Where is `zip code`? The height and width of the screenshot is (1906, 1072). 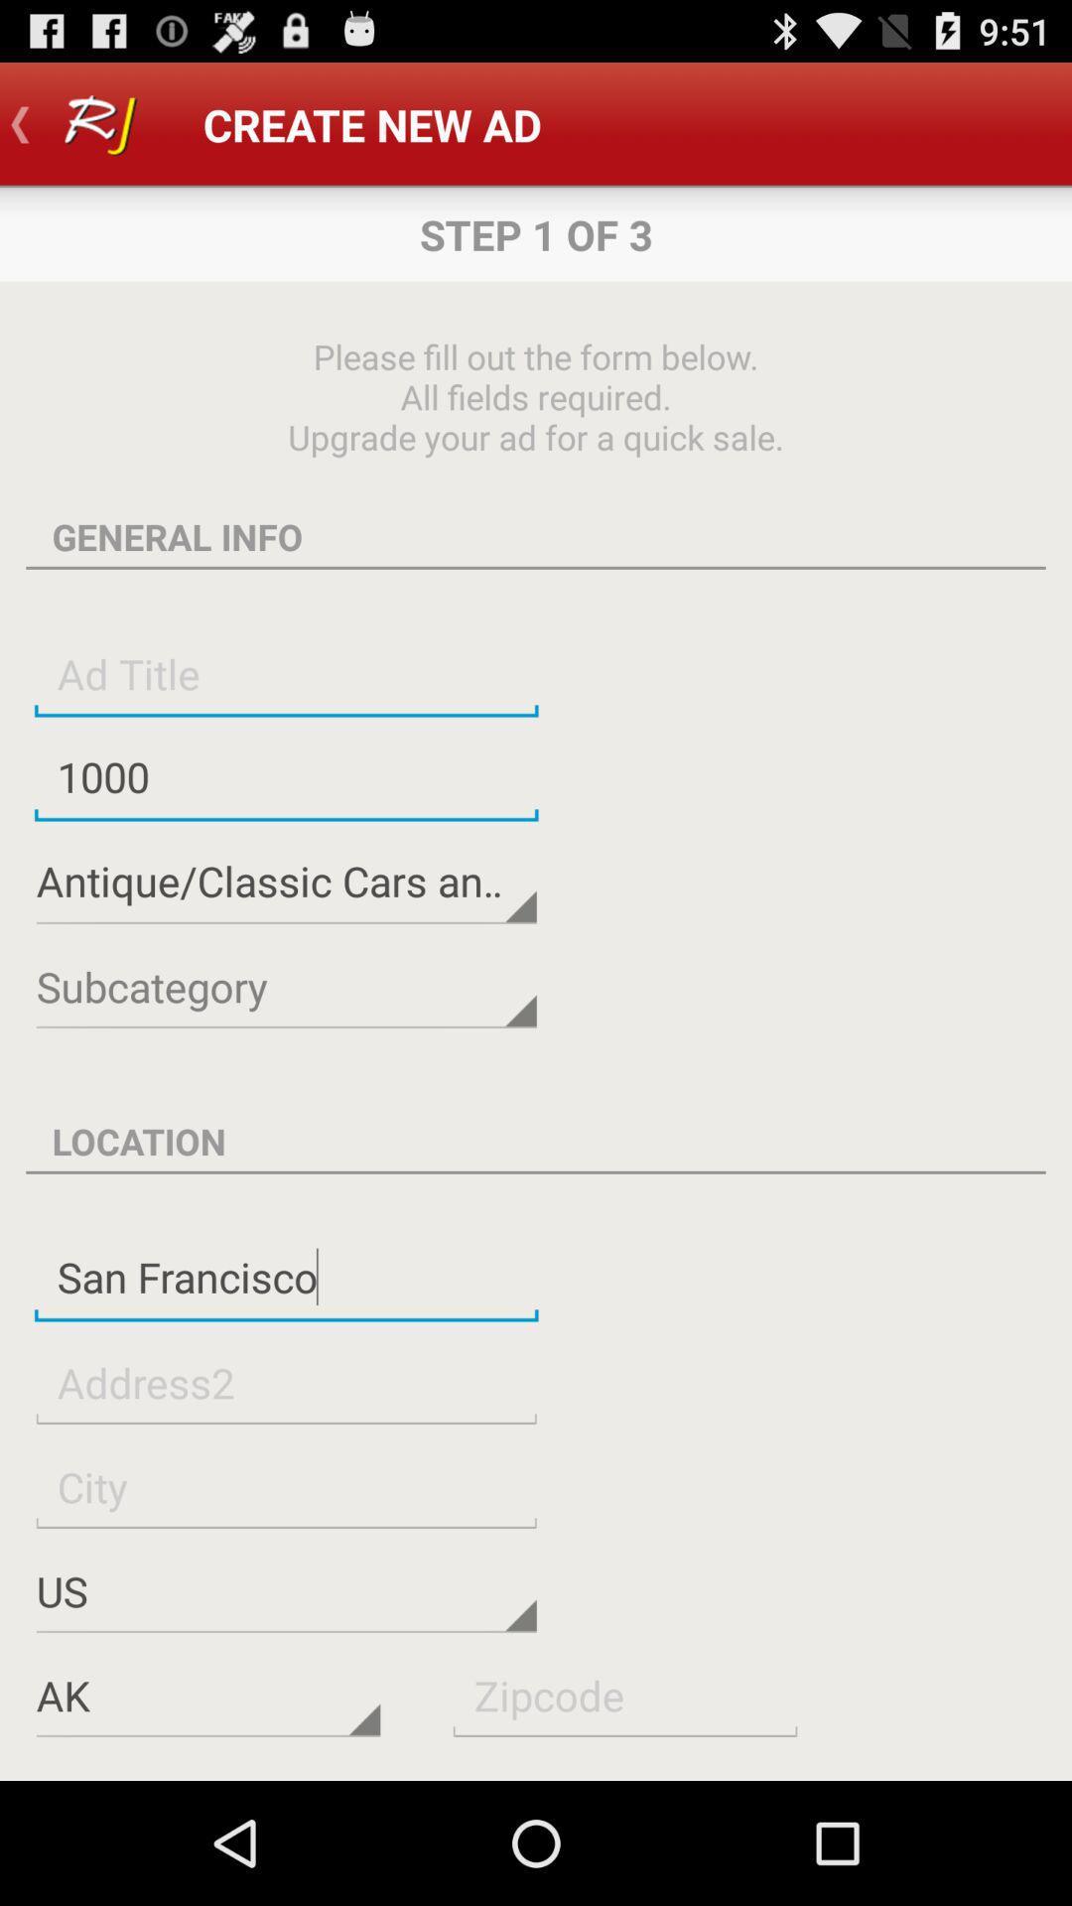 zip code is located at coordinates (623, 1694).